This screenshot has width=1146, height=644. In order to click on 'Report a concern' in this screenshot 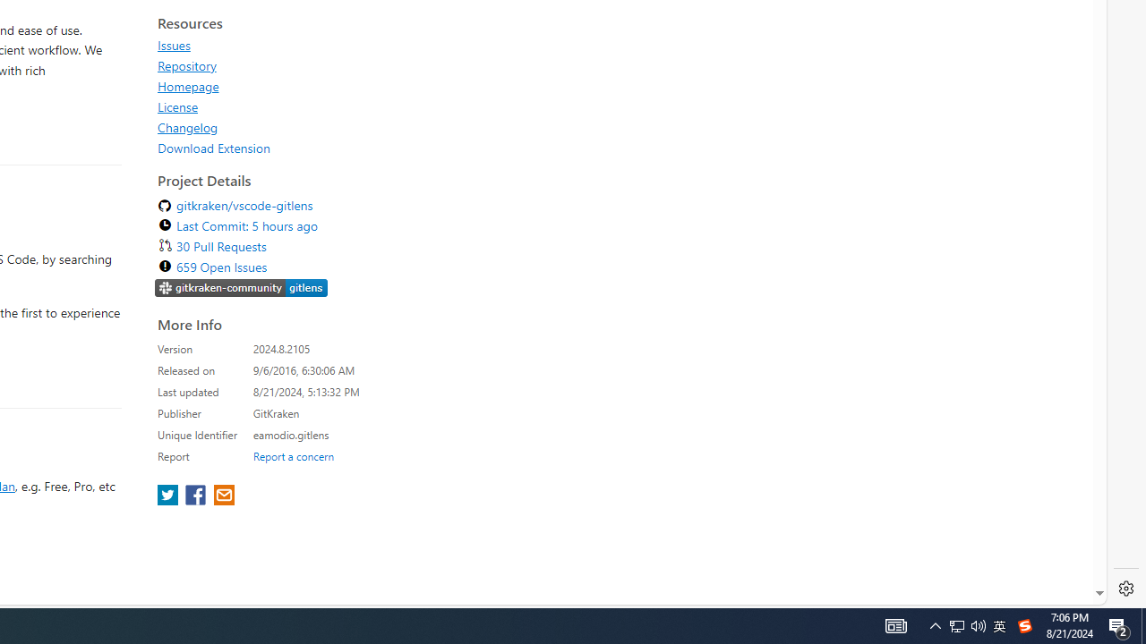, I will do `click(293, 454)`.